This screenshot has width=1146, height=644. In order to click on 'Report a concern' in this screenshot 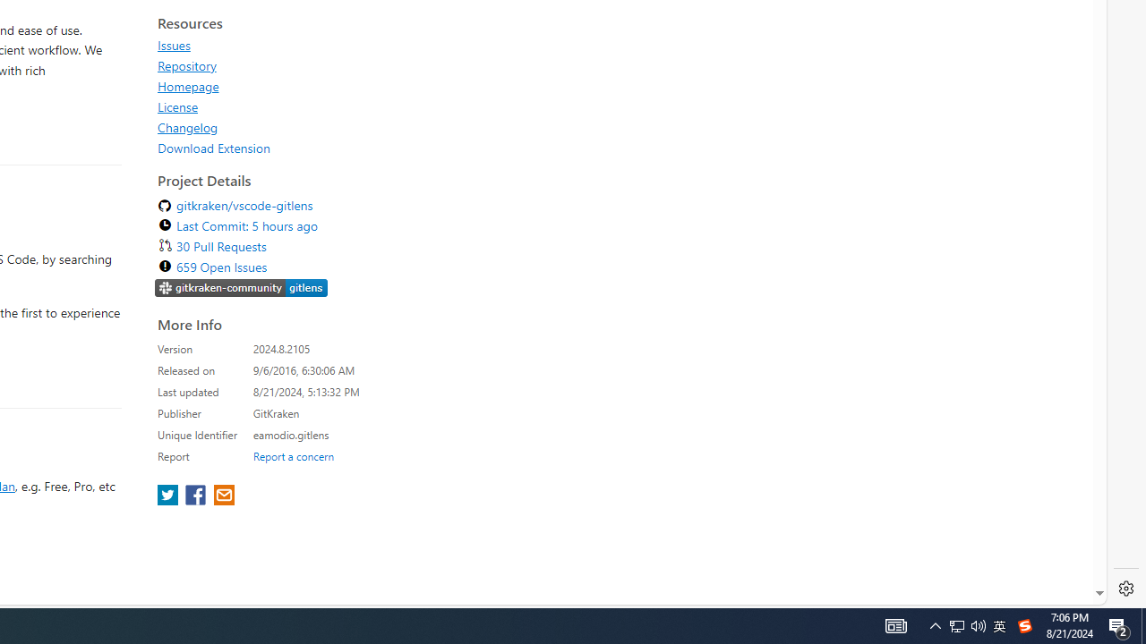, I will do `click(293, 454)`.